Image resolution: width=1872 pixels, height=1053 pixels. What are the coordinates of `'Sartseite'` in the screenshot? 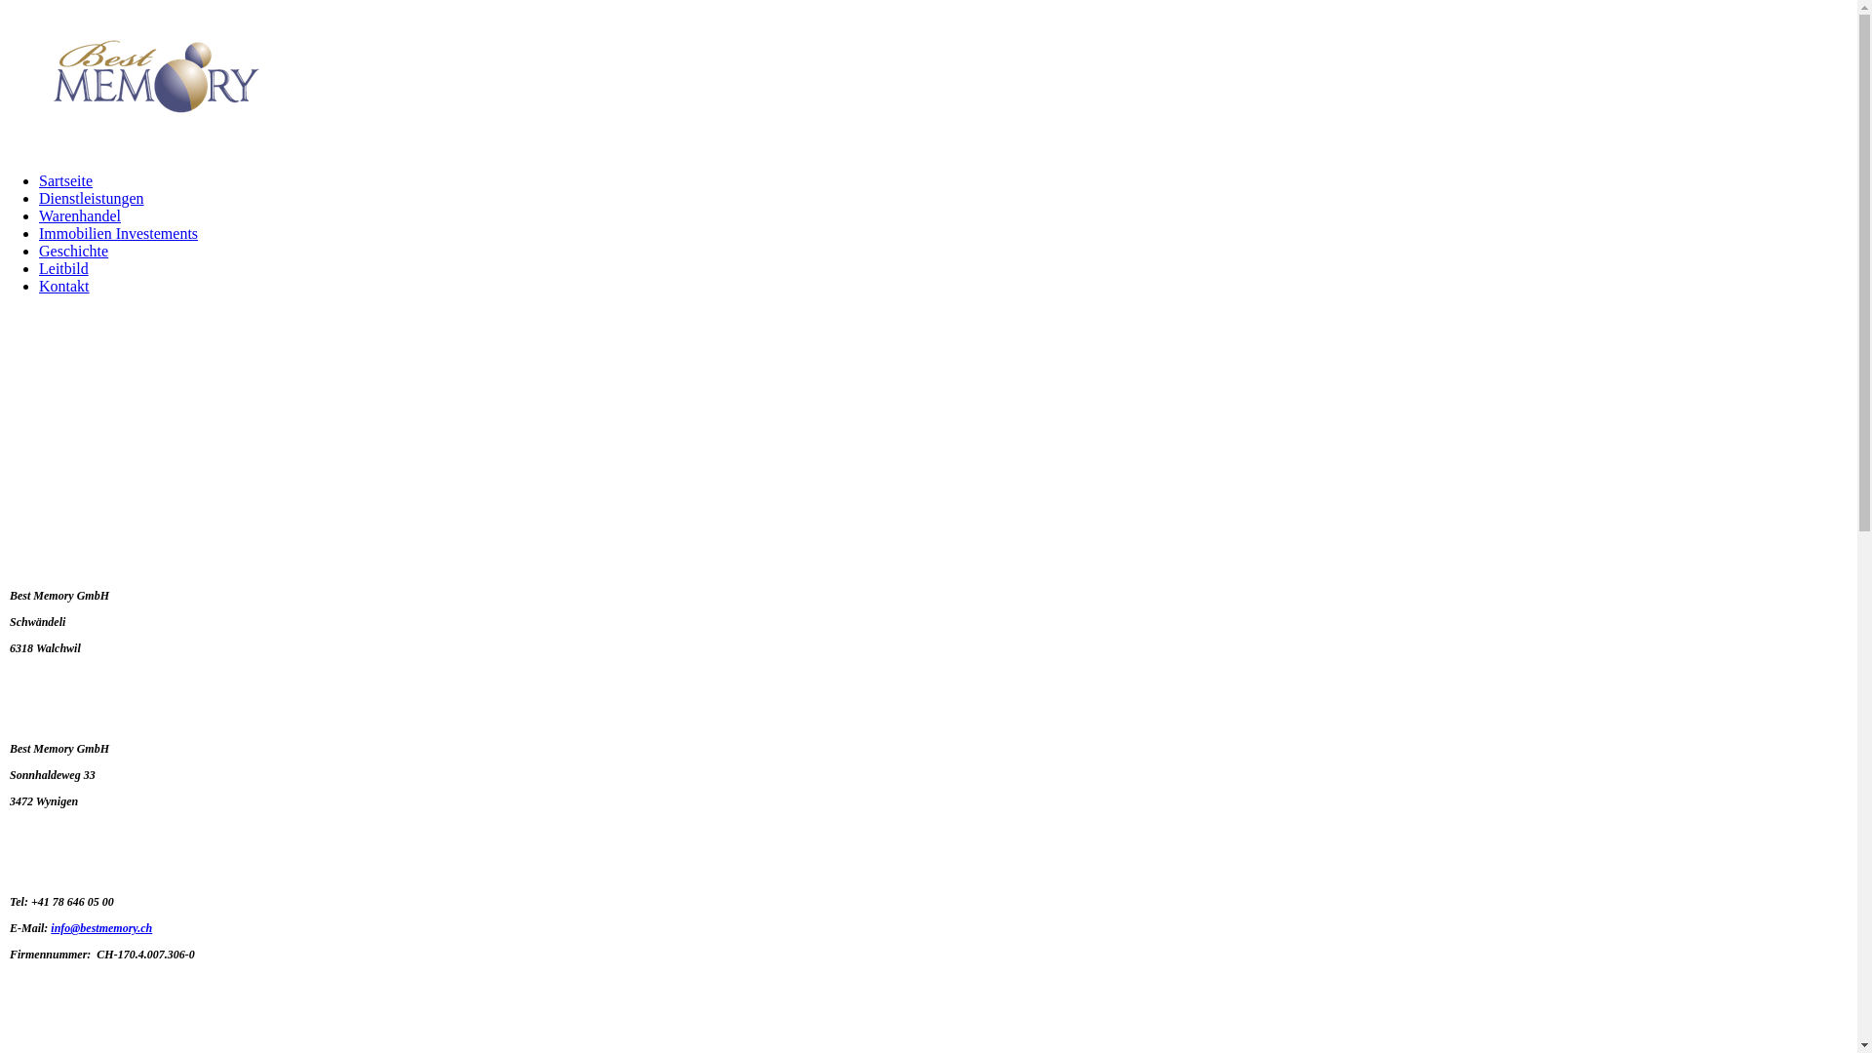 It's located at (65, 180).